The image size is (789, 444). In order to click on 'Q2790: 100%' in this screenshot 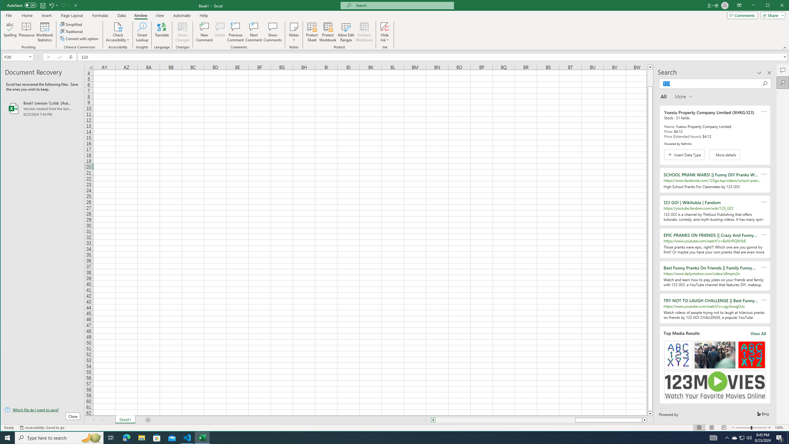, I will do `click(749, 437)`.